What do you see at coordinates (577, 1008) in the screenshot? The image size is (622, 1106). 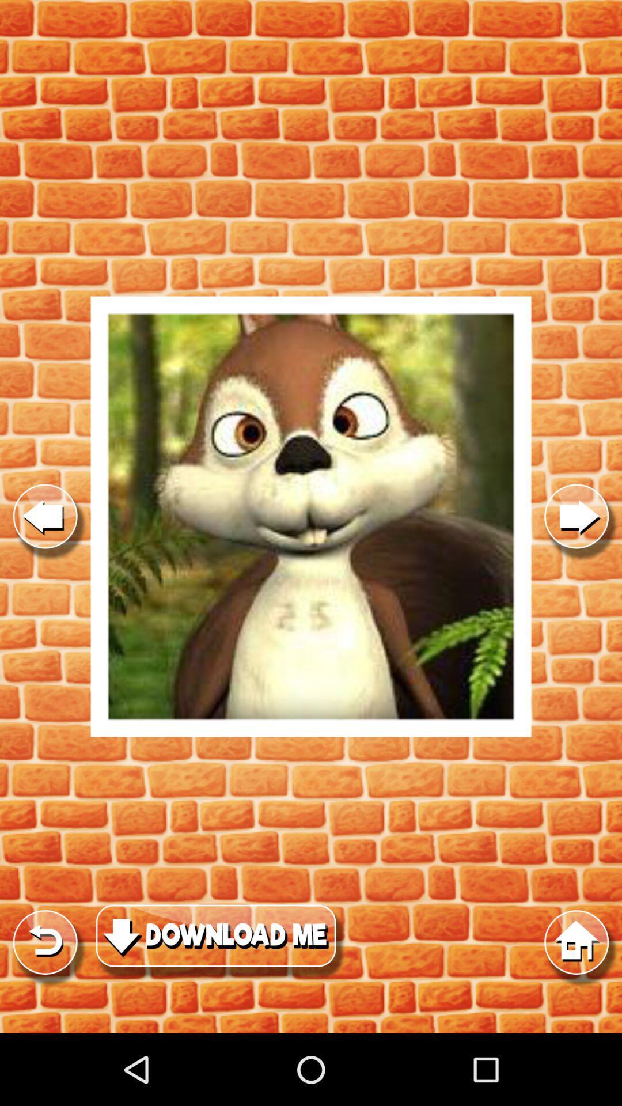 I see `the home icon` at bounding box center [577, 1008].